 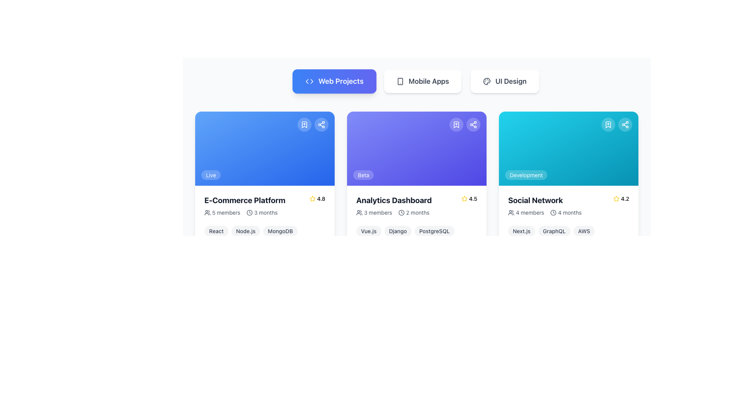 What do you see at coordinates (310, 81) in the screenshot?
I see `SVG Icon representing code or development-related content located to the left of the 'Web Projects' button in the navigation bar` at bounding box center [310, 81].